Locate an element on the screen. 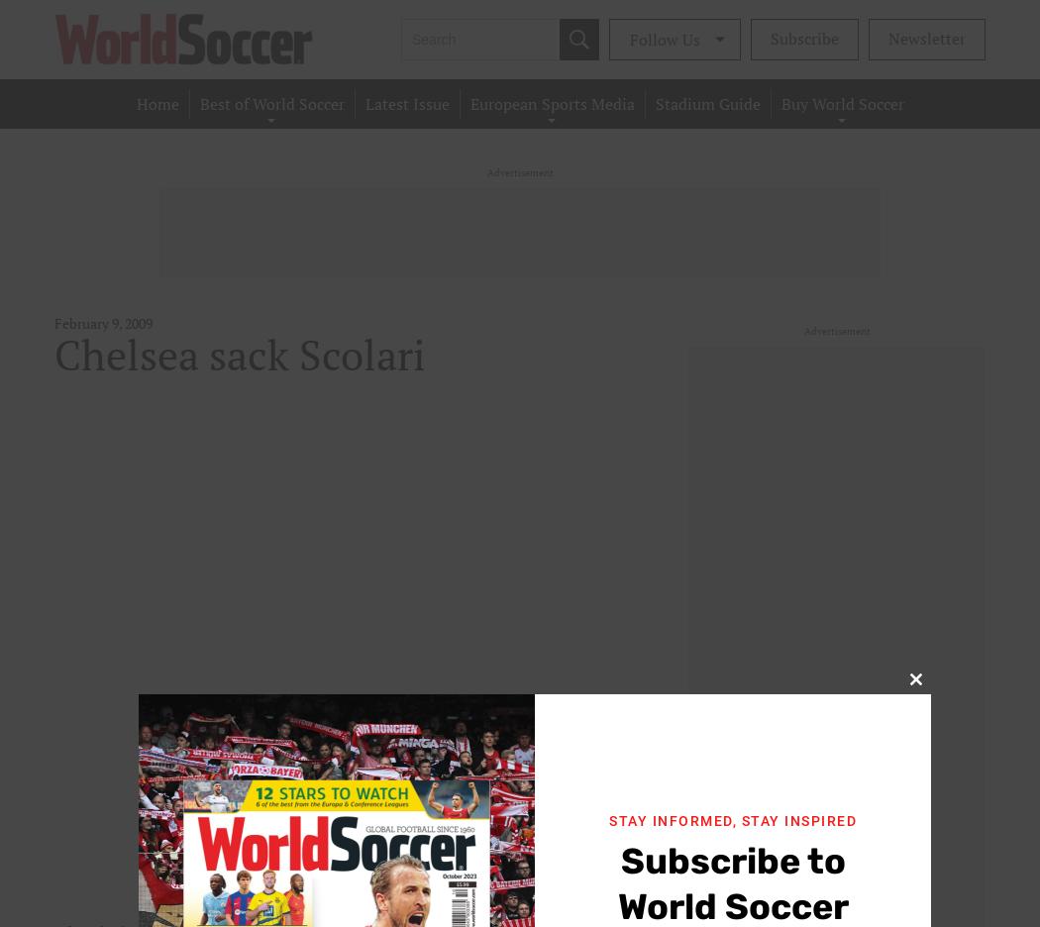  'Newsletter' is located at coordinates (926, 38).